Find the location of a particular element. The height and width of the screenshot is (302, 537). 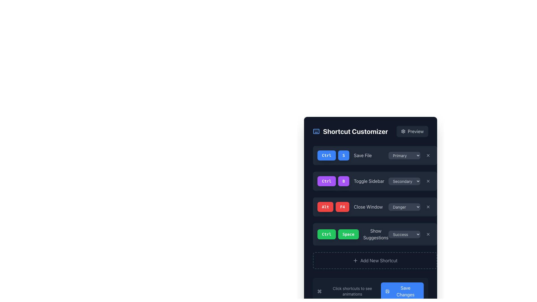

the composite component representing the keyboard shortcut 'Ctrl + B' is located at coordinates (333, 181).